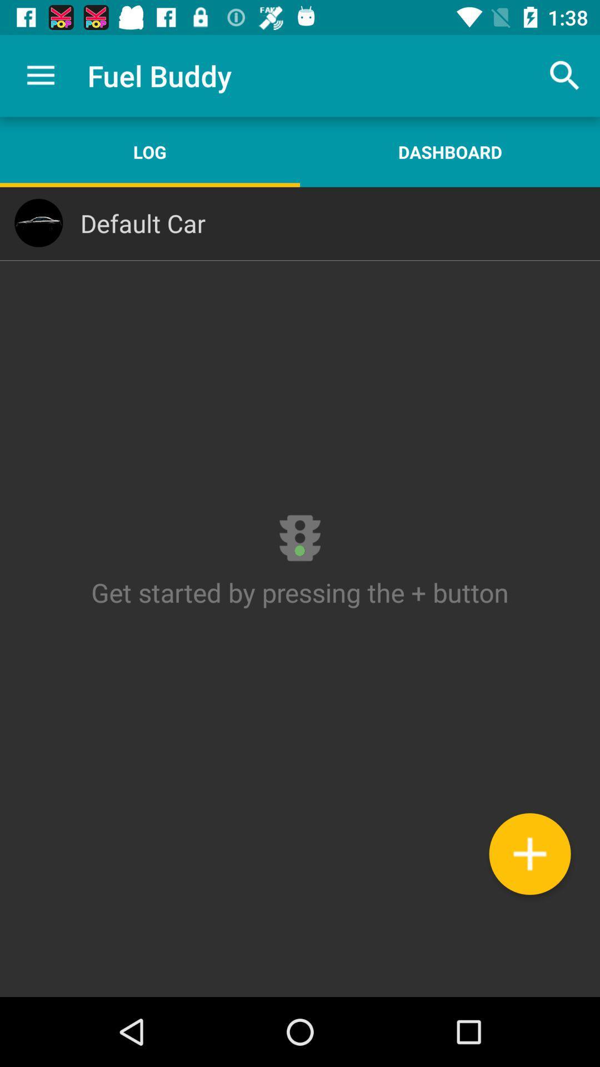 The height and width of the screenshot is (1067, 600). What do you see at coordinates (300, 592) in the screenshot?
I see `open the app` at bounding box center [300, 592].